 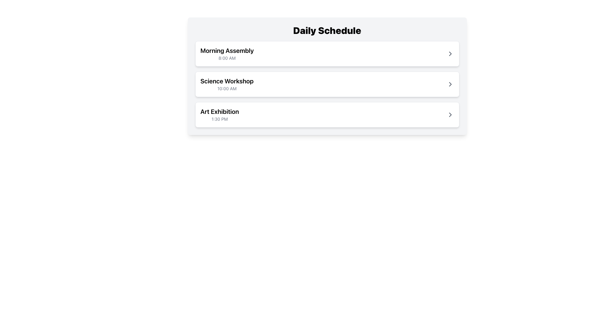 I want to click on the scheduled event element displaying 'Science Workshop' at '10:00 AM' located under the title 'Daily Schedule', so click(x=327, y=76).